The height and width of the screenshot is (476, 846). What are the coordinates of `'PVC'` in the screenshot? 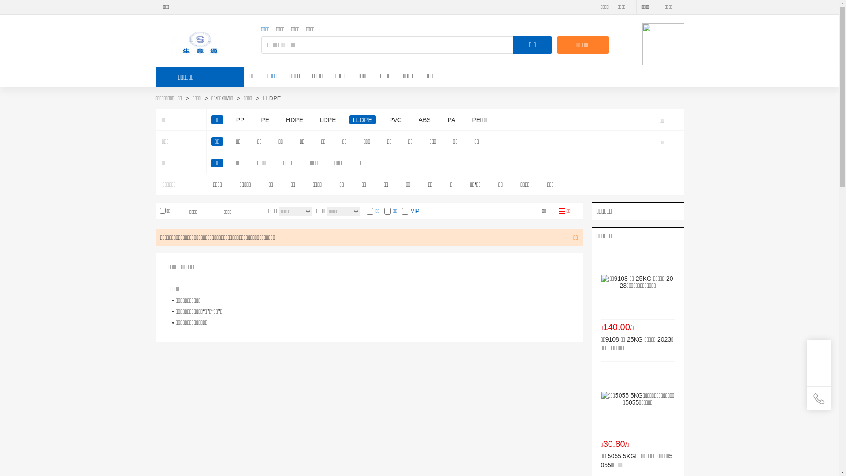 It's located at (395, 120).